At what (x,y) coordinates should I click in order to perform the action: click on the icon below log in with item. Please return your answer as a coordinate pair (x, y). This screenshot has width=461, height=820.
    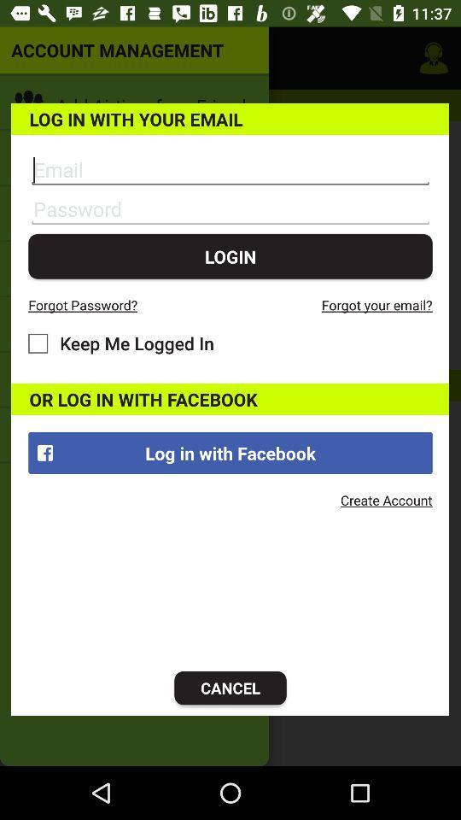
    Looking at the image, I should click on (386, 500).